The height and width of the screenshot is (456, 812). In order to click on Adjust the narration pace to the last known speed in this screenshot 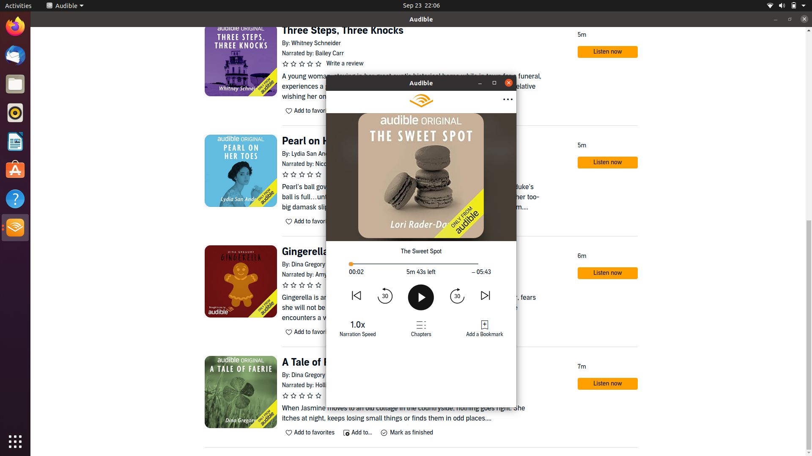, I will do `click(358, 327)`.